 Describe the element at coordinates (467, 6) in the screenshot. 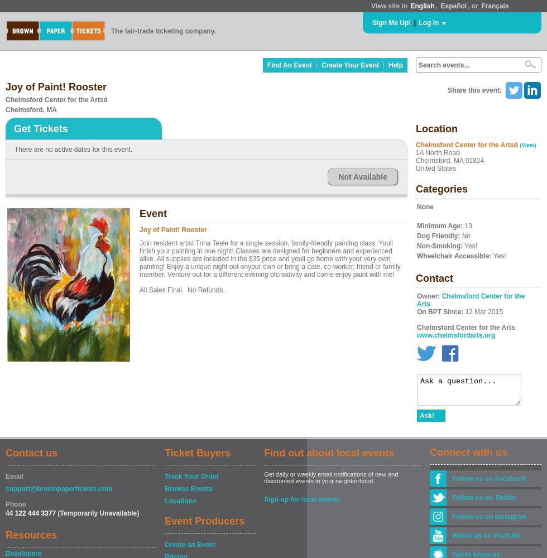

I see `', or'` at that location.